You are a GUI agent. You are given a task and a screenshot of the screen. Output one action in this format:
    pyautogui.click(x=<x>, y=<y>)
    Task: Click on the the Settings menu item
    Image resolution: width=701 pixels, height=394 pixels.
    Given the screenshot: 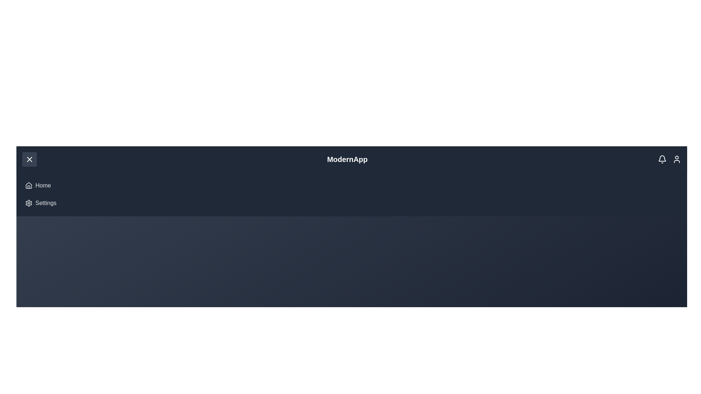 What is the action you would take?
    pyautogui.click(x=45, y=203)
    